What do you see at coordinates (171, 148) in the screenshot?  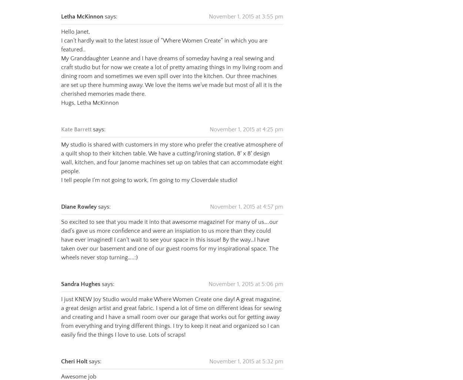 I see `'My studio is shared with customers in my store who prefer the creative atmosphere of a quilt shop to their kitchen table. We have a cutting/ironing station, 8′ x 8′ design wall, kitchen, and four Janome machines set up on tables that can accommodate eight people.'` at bounding box center [171, 148].